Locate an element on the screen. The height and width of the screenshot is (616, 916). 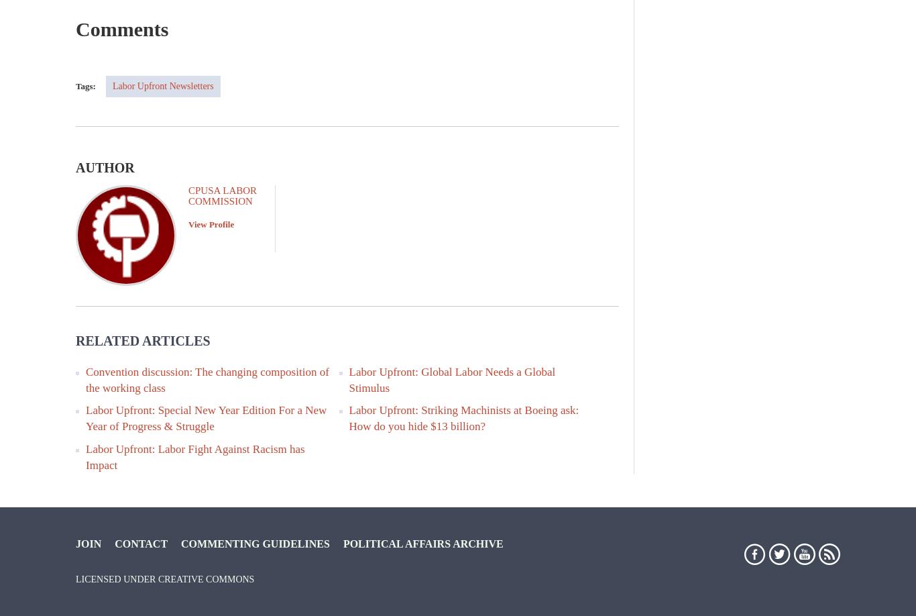
'Labor Upfront: Special New Year Edition  For a New Year of Progress & Struggle' is located at coordinates (206, 417).